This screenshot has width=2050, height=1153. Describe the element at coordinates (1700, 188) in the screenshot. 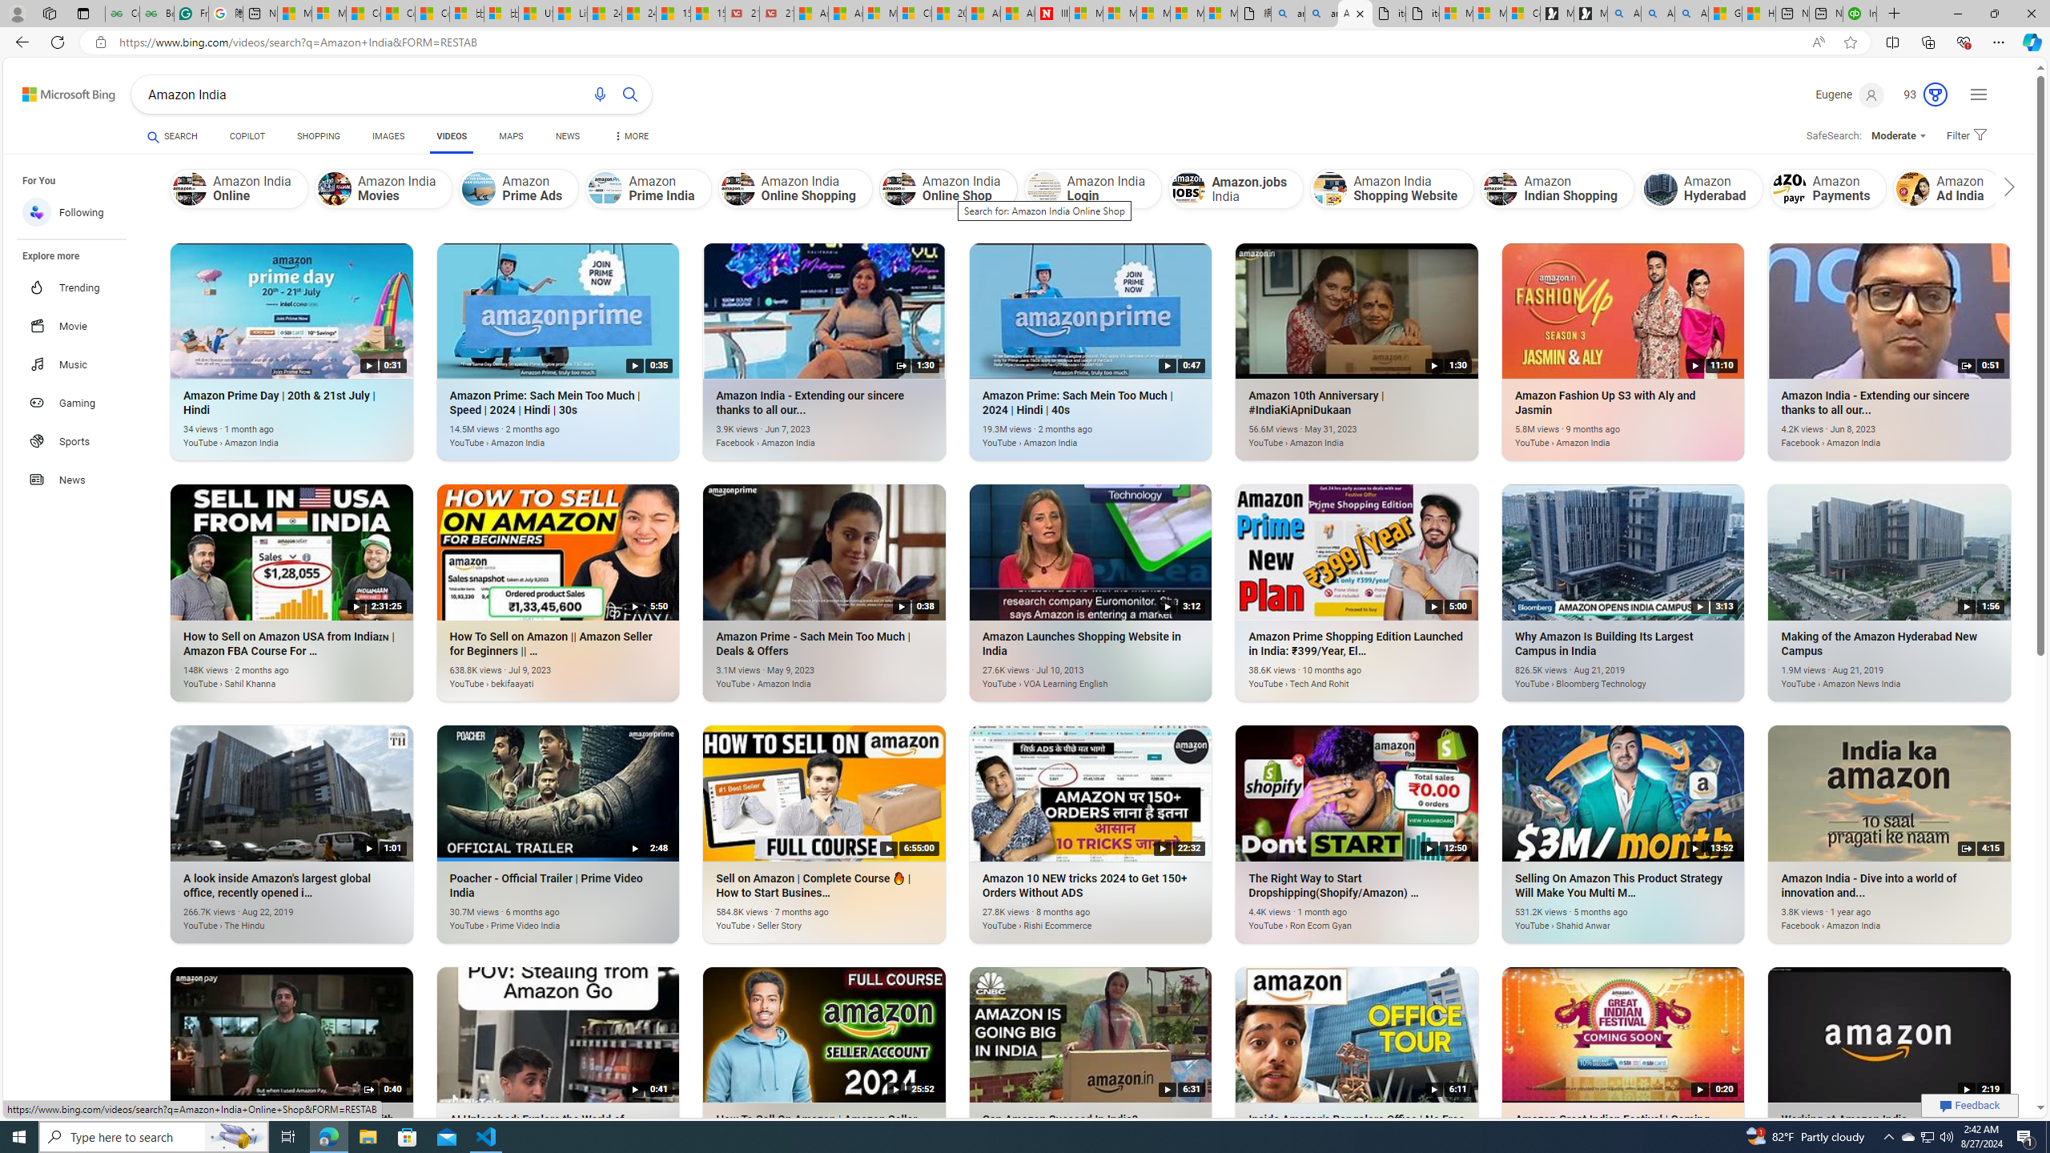

I see `'Amazon Hyderabad'` at that location.